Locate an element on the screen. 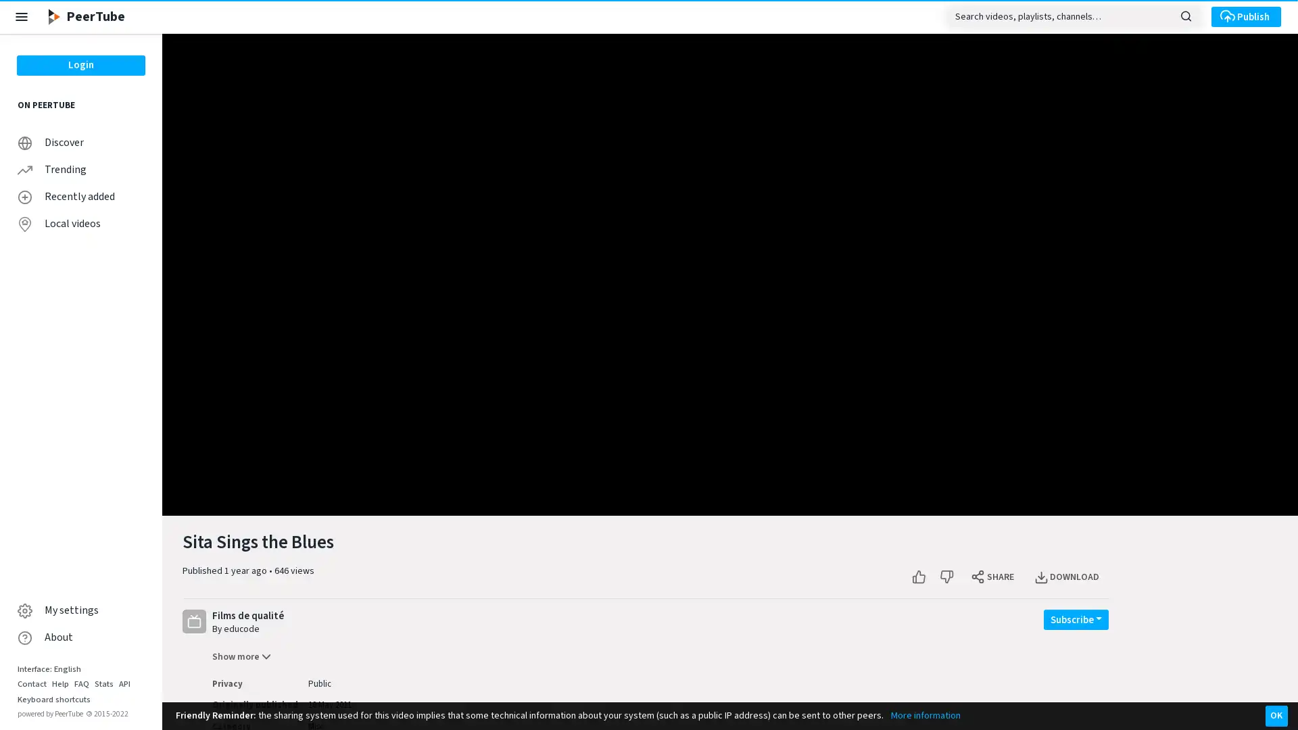 The width and height of the screenshot is (1298, 730). Open subscription dropdown is located at coordinates (1076, 618).